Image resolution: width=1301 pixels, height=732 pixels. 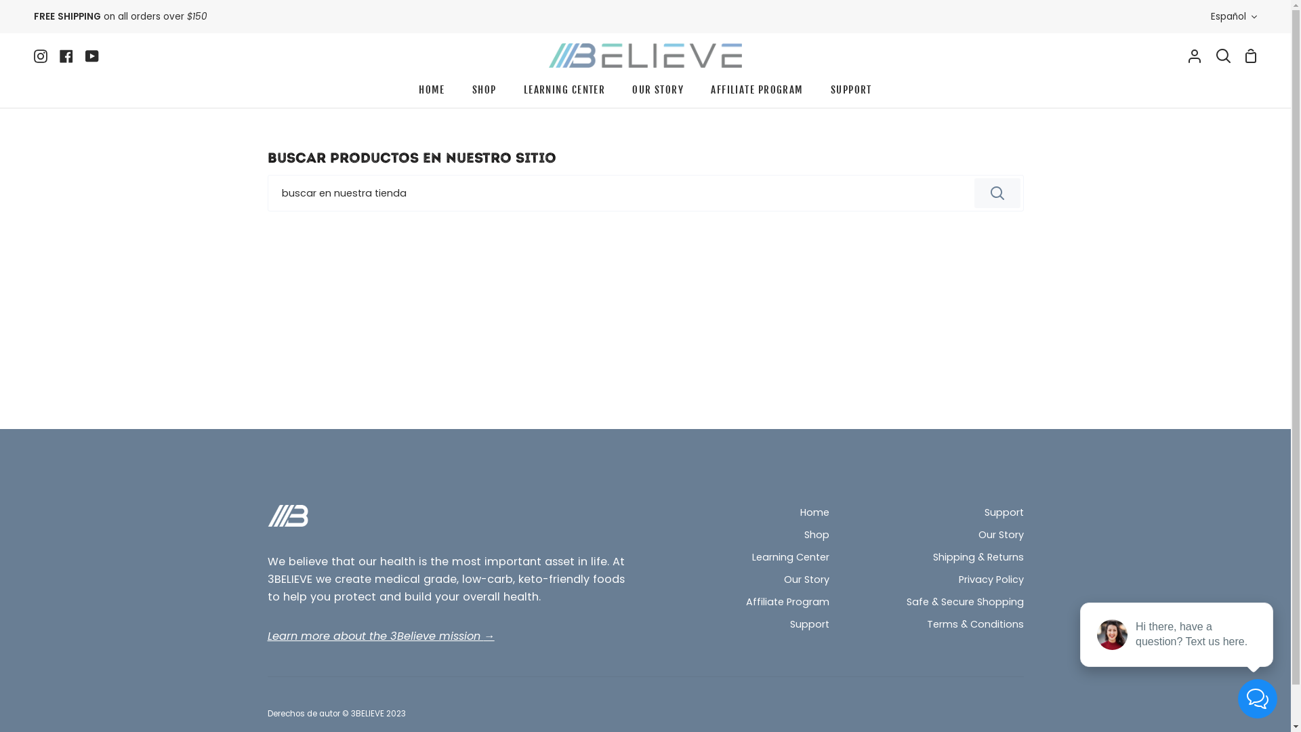 What do you see at coordinates (53, 54) in the screenshot?
I see `'Facebook'` at bounding box center [53, 54].